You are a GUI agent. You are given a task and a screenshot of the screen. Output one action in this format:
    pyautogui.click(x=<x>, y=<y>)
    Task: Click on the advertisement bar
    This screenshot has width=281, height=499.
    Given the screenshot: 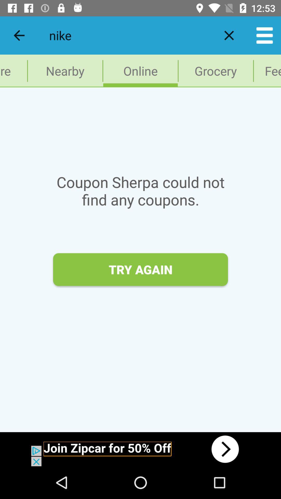 What is the action you would take?
    pyautogui.click(x=140, y=449)
    